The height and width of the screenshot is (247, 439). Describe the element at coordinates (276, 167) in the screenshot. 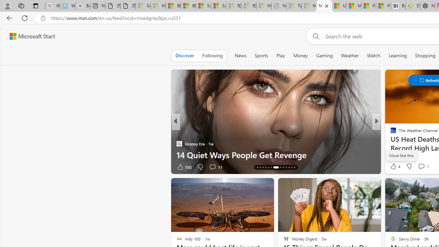

I see `'AutomationID: tab-20'` at that location.